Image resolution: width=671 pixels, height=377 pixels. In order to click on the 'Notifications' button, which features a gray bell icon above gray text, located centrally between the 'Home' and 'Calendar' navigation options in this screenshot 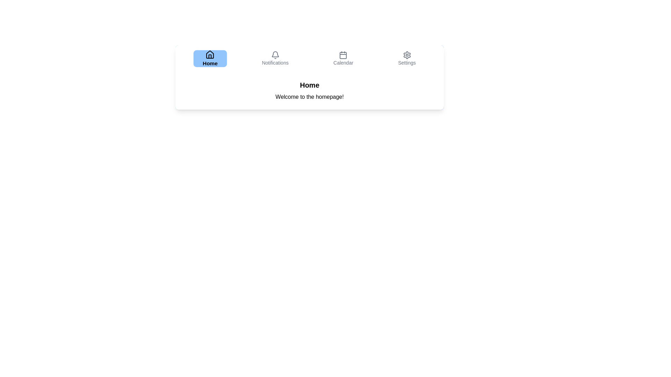, I will do `click(275, 58)`.